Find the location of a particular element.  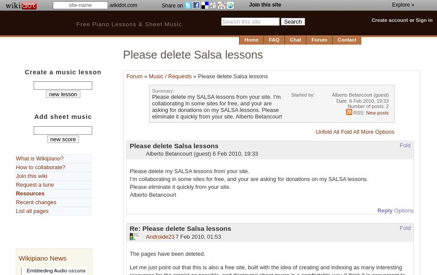

'Started by:' is located at coordinates (303, 94).